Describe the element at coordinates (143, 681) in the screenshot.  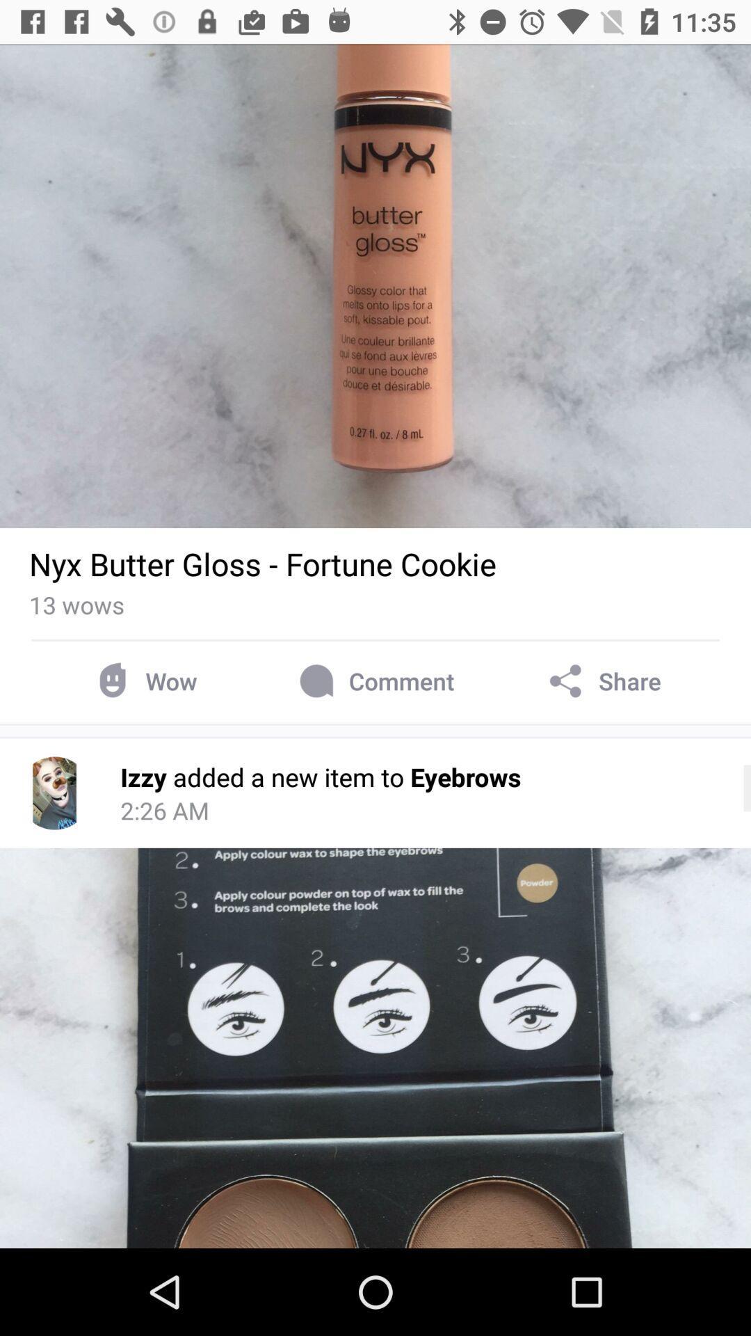
I see `the button wow beside comment` at that location.